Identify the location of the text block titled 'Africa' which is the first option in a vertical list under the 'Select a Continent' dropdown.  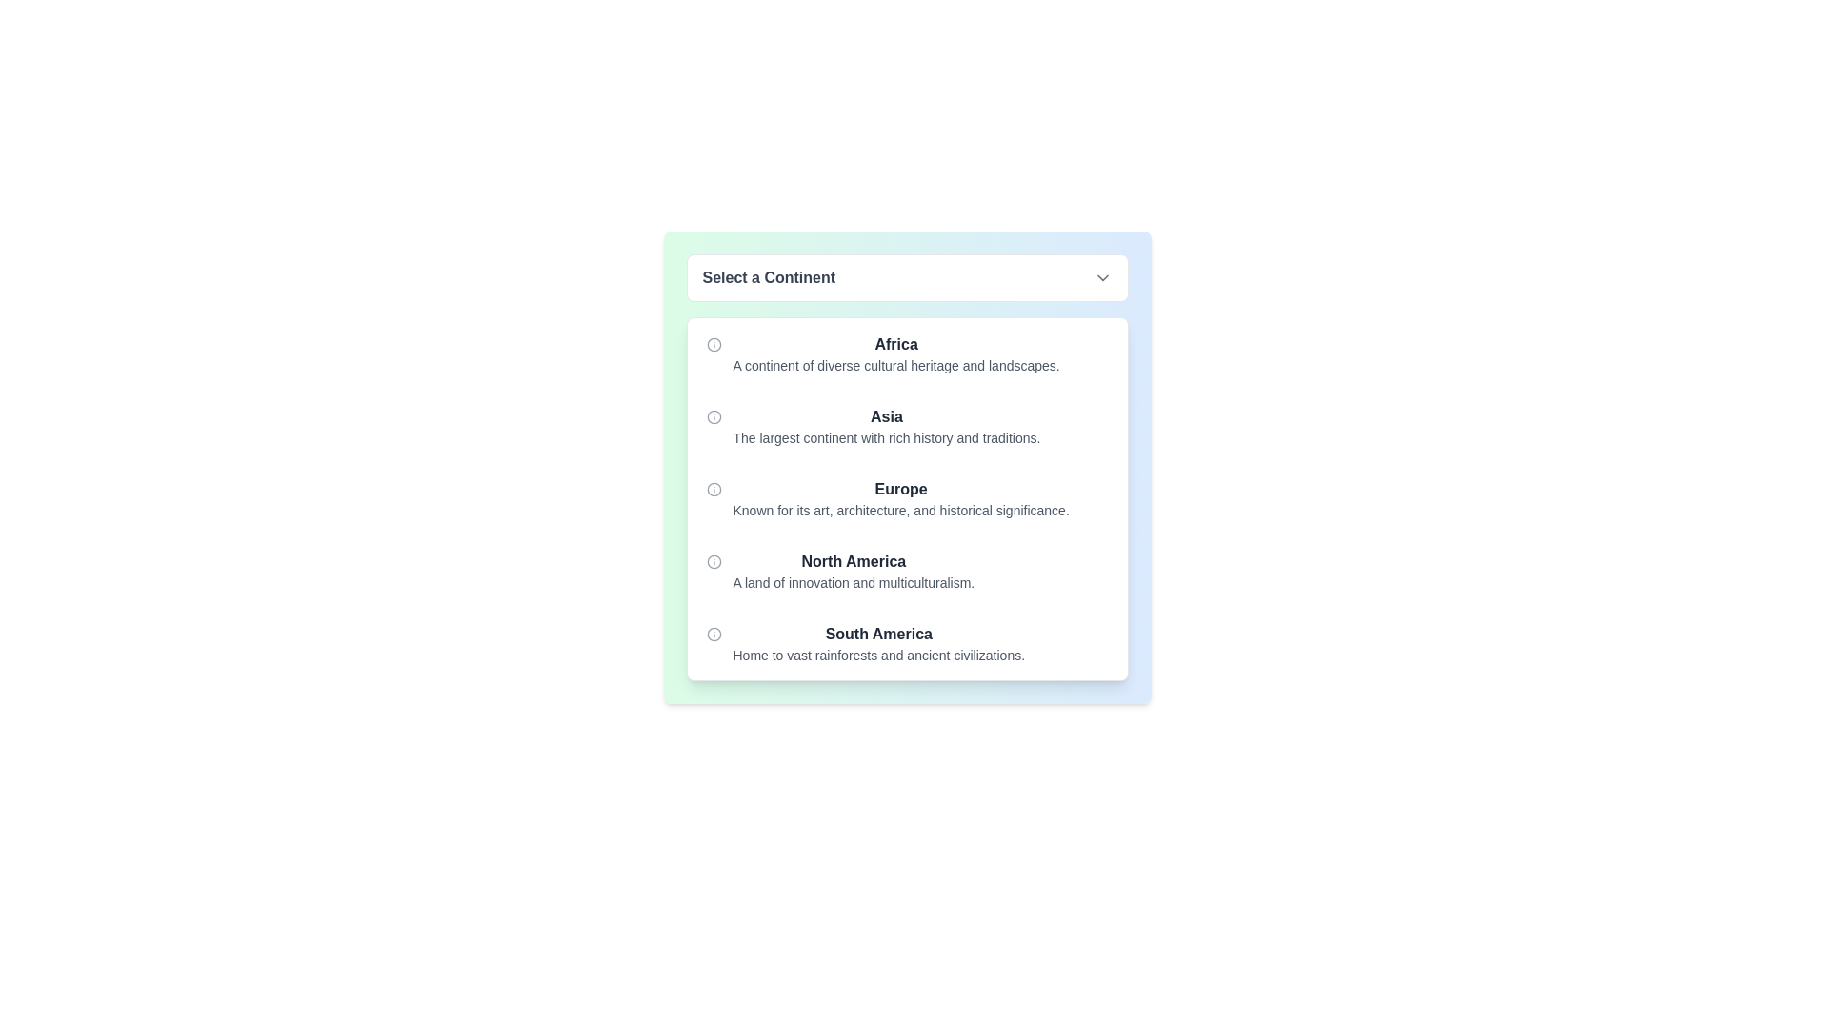
(895, 353).